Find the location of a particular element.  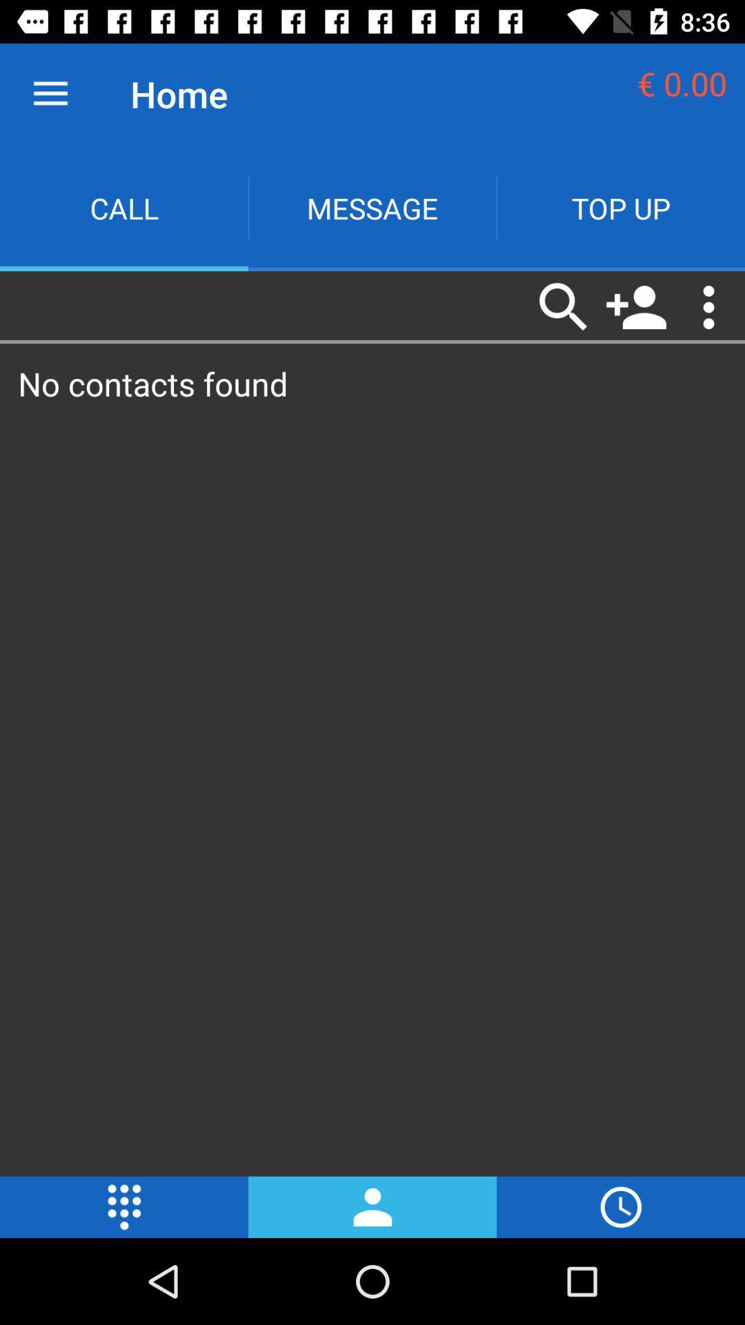

three dot icon is located at coordinates (708, 306).